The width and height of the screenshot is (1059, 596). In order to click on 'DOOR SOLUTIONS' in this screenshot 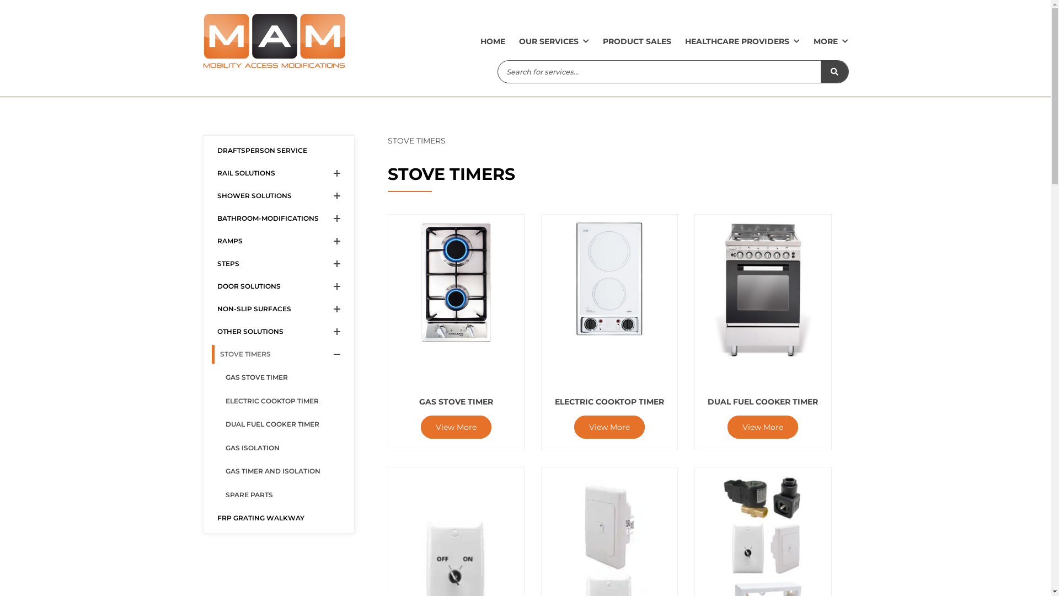, I will do `click(212, 286)`.